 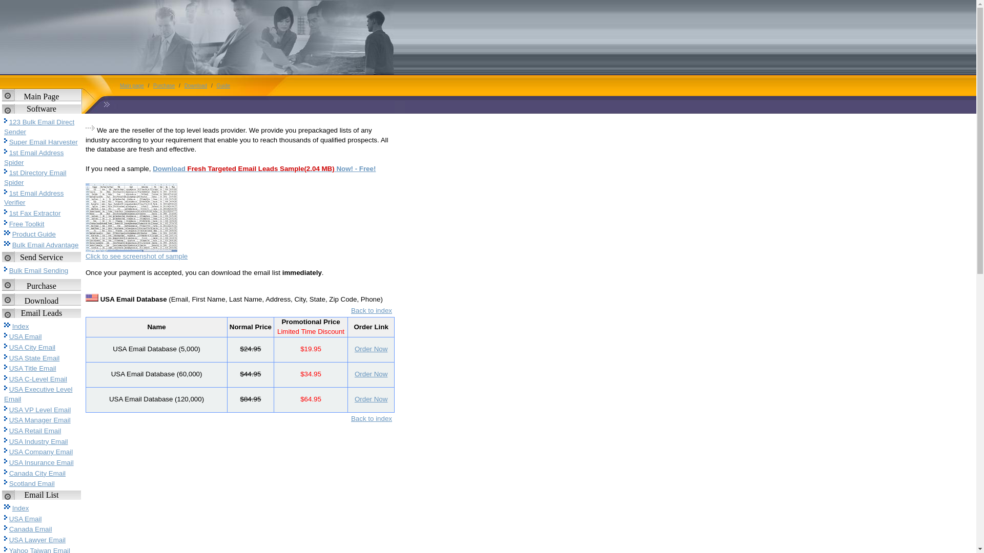 I want to click on '1st Fax Extractor', so click(x=35, y=212).